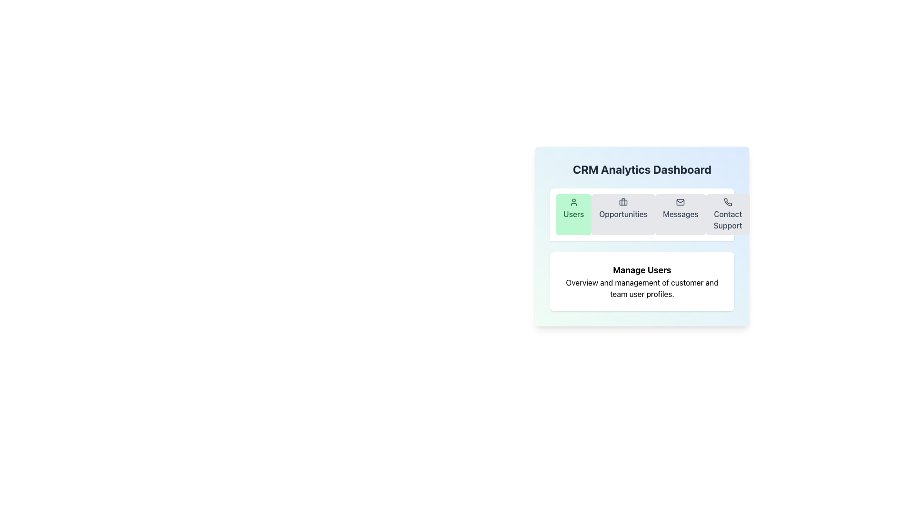 The width and height of the screenshot is (913, 514). I want to click on the text label indicating functionality related to contacting support services, located below the phone icon in the menu, so click(727, 220).